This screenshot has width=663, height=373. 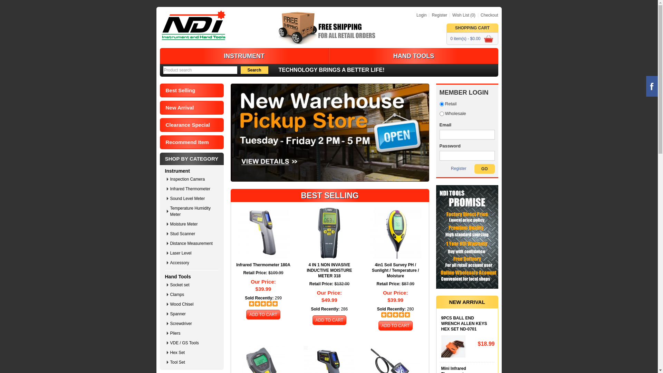 I want to click on 'Best Selling', so click(x=191, y=90).